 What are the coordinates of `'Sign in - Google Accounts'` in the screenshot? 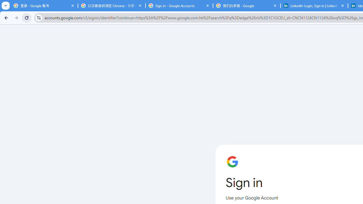 It's located at (179, 6).